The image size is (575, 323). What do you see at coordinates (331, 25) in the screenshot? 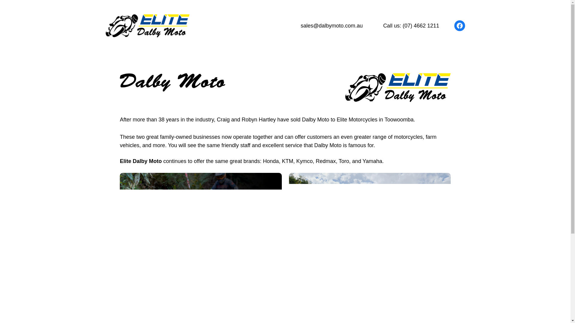
I see `'sales@dalbymoto.com.au'` at bounding box center [331, 25].